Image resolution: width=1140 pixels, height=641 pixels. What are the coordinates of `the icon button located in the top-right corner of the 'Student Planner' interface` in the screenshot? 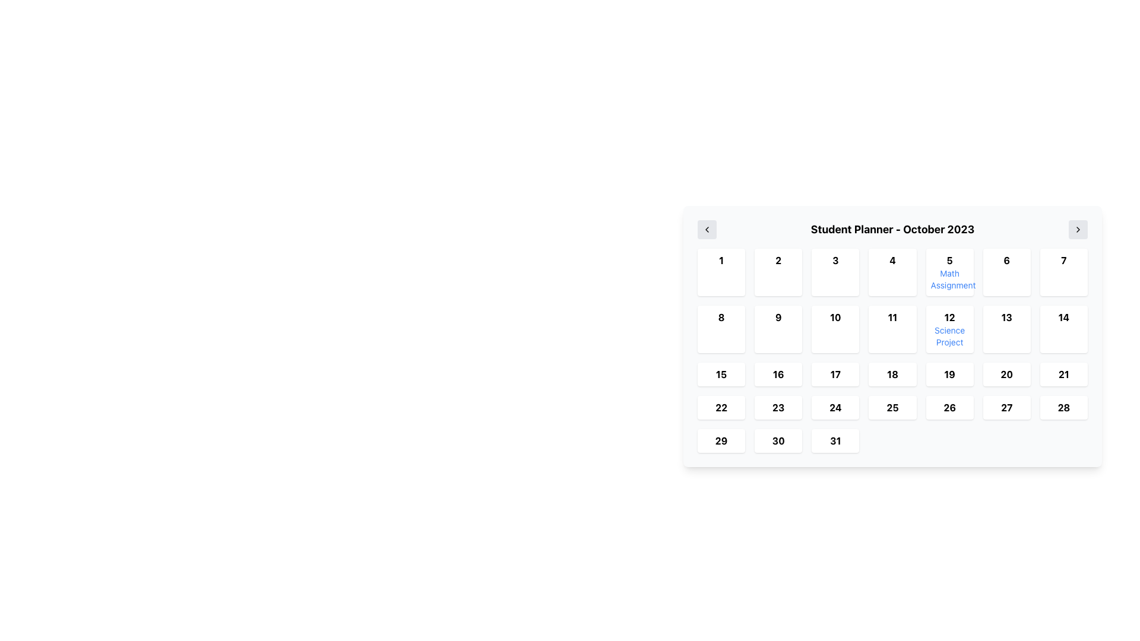 It's located at (1078, 229).